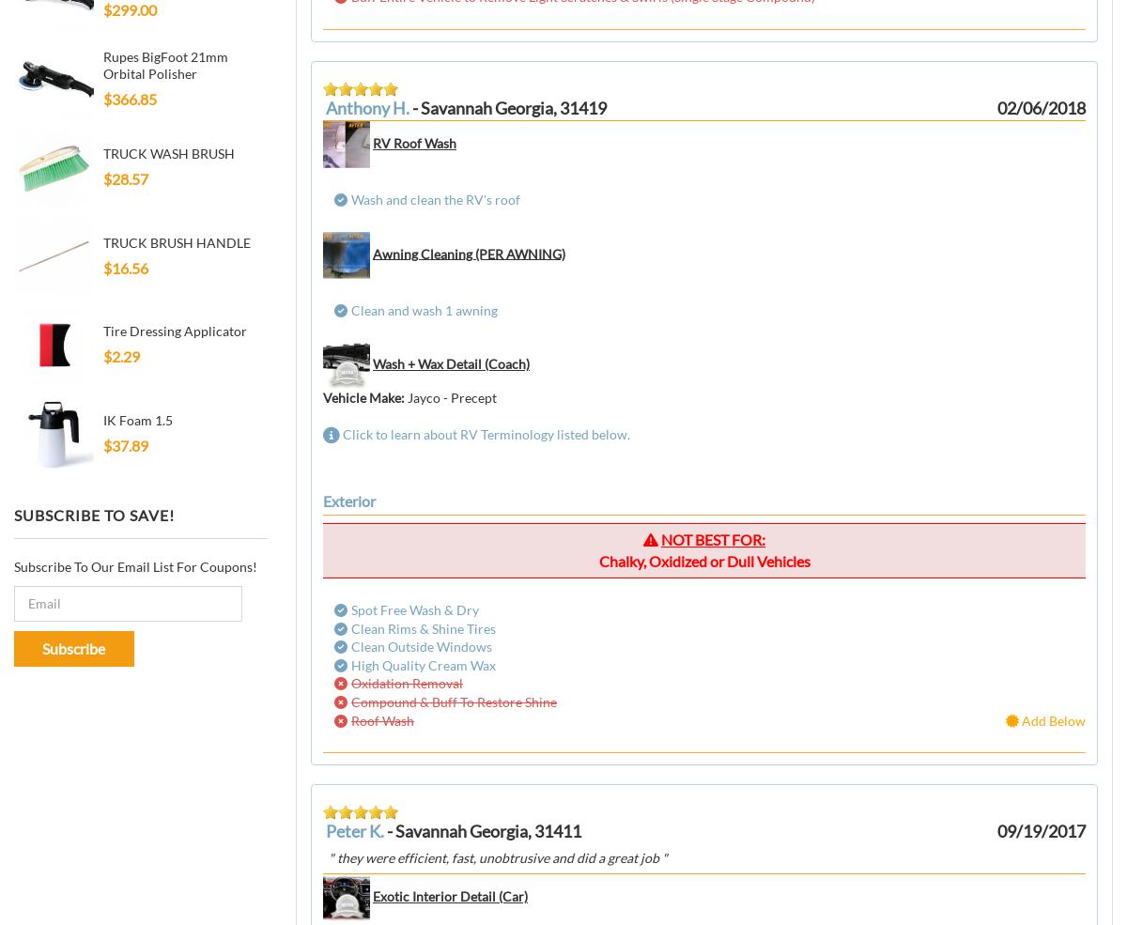 Image resolution: width=1127 pixels, height=925 pixels. What do you see at coordinates (512, 106) in the screenshot?
I see `'Savannah Georgia, 31419'` at bounding box center [512, 106].